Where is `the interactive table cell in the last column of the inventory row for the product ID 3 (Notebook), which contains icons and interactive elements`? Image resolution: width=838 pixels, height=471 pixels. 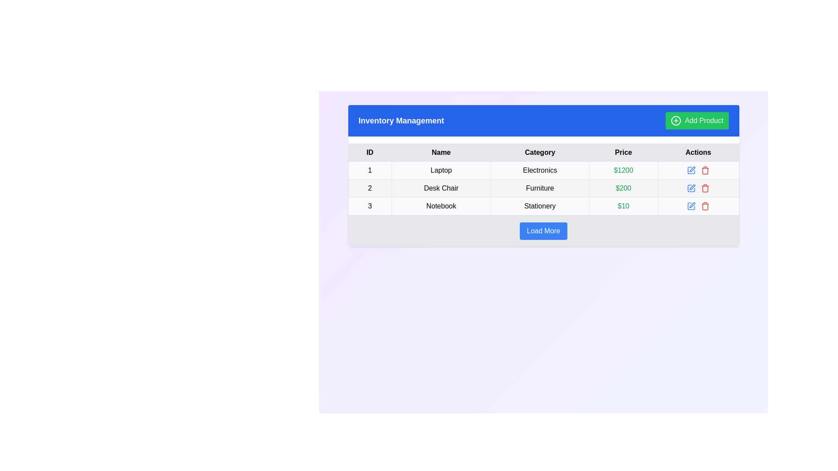
the interactive table cell in the last column of the inventory row for the product ID 3 (Notebook), which contains icons and interactive elements is located at coordinates (698, 206).